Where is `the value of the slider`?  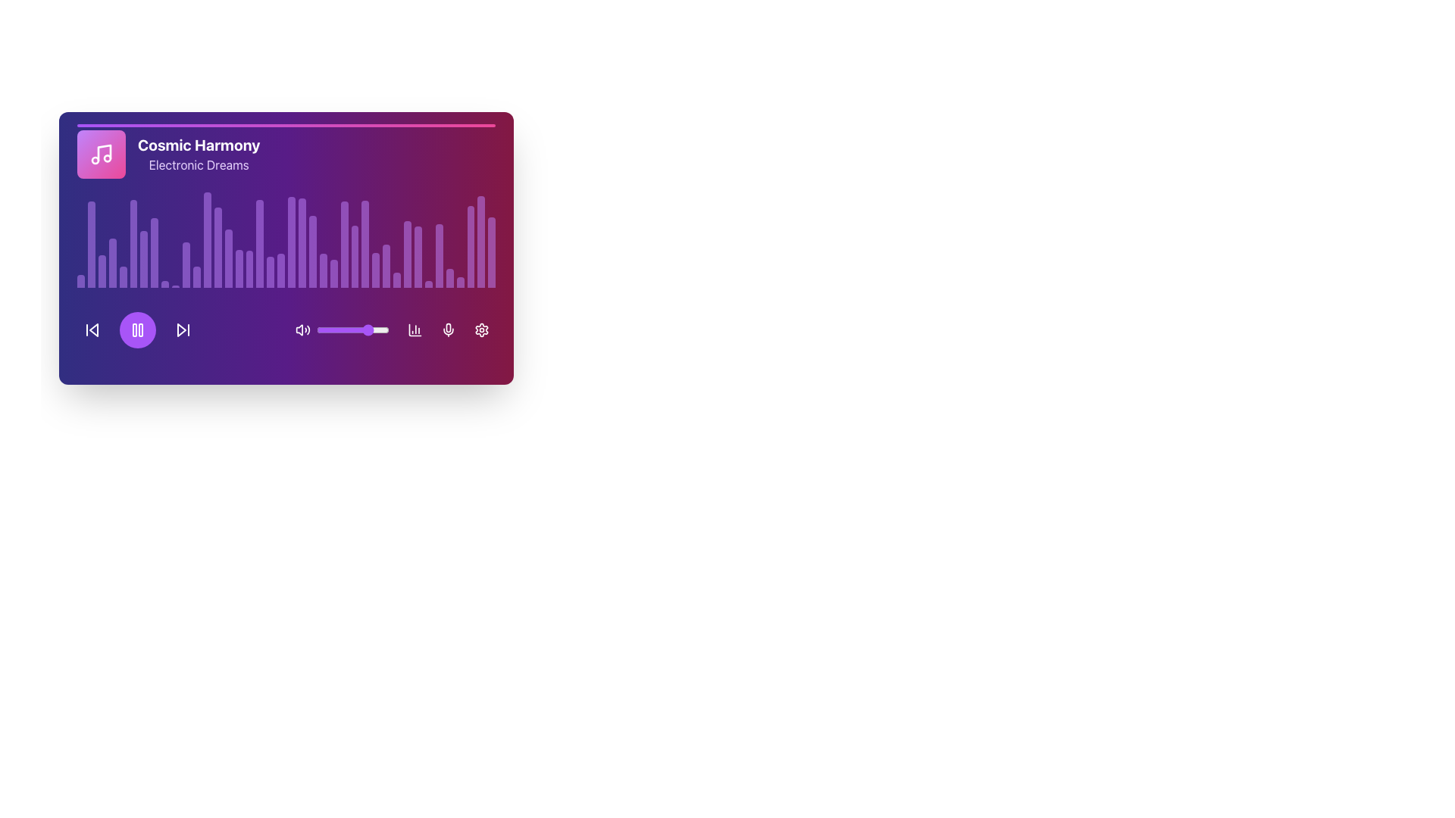
the value of the slider is located at coordinates (359, 329).